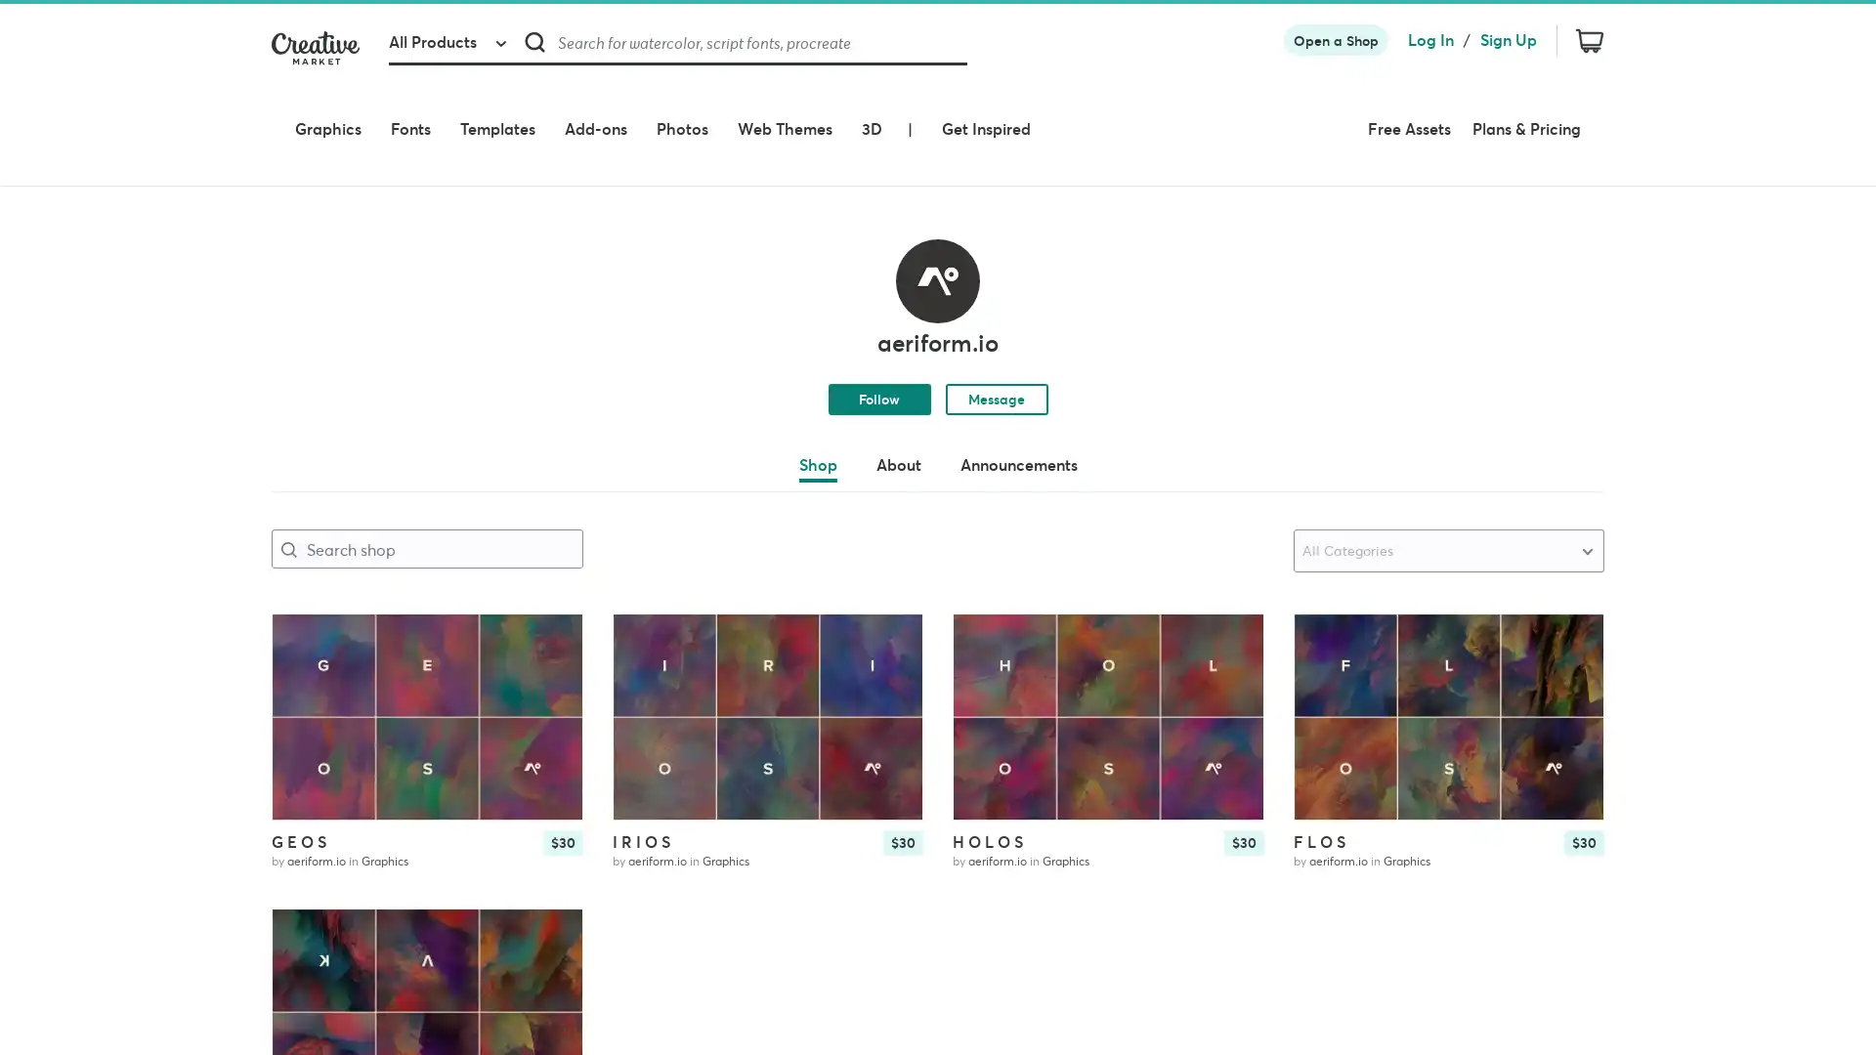  What do you see at coordinates (549, 900) in the screenshot?
I see `Save` at bounding box center [549, 900].